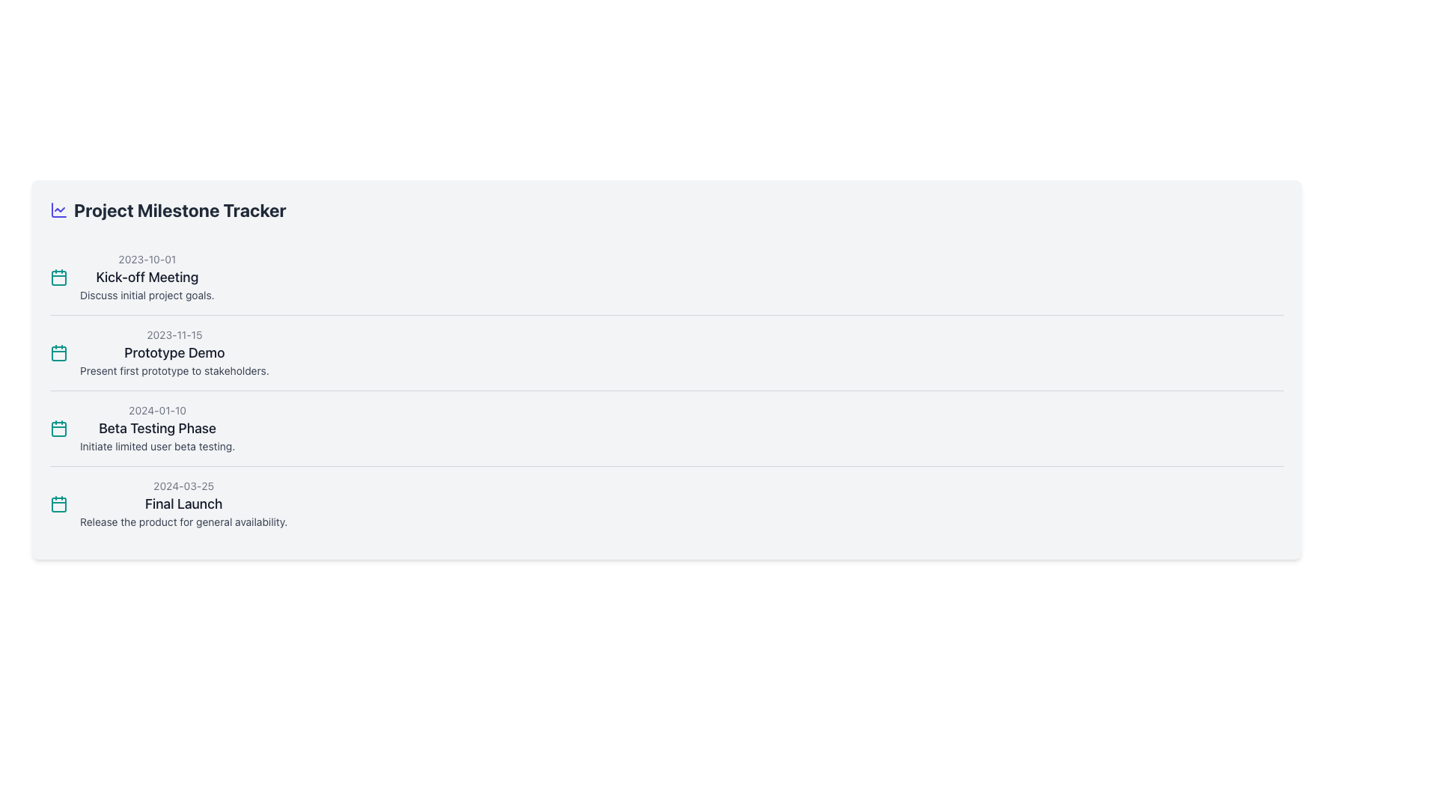 The height and width of the screenshot is (808, 1437). I want to click on the third item in the milestone list, which features the date '2024-01-10', the title 'Beta Testing Phase', and the explanation 'Initiate limited user beta testing.', so click(157, 429).